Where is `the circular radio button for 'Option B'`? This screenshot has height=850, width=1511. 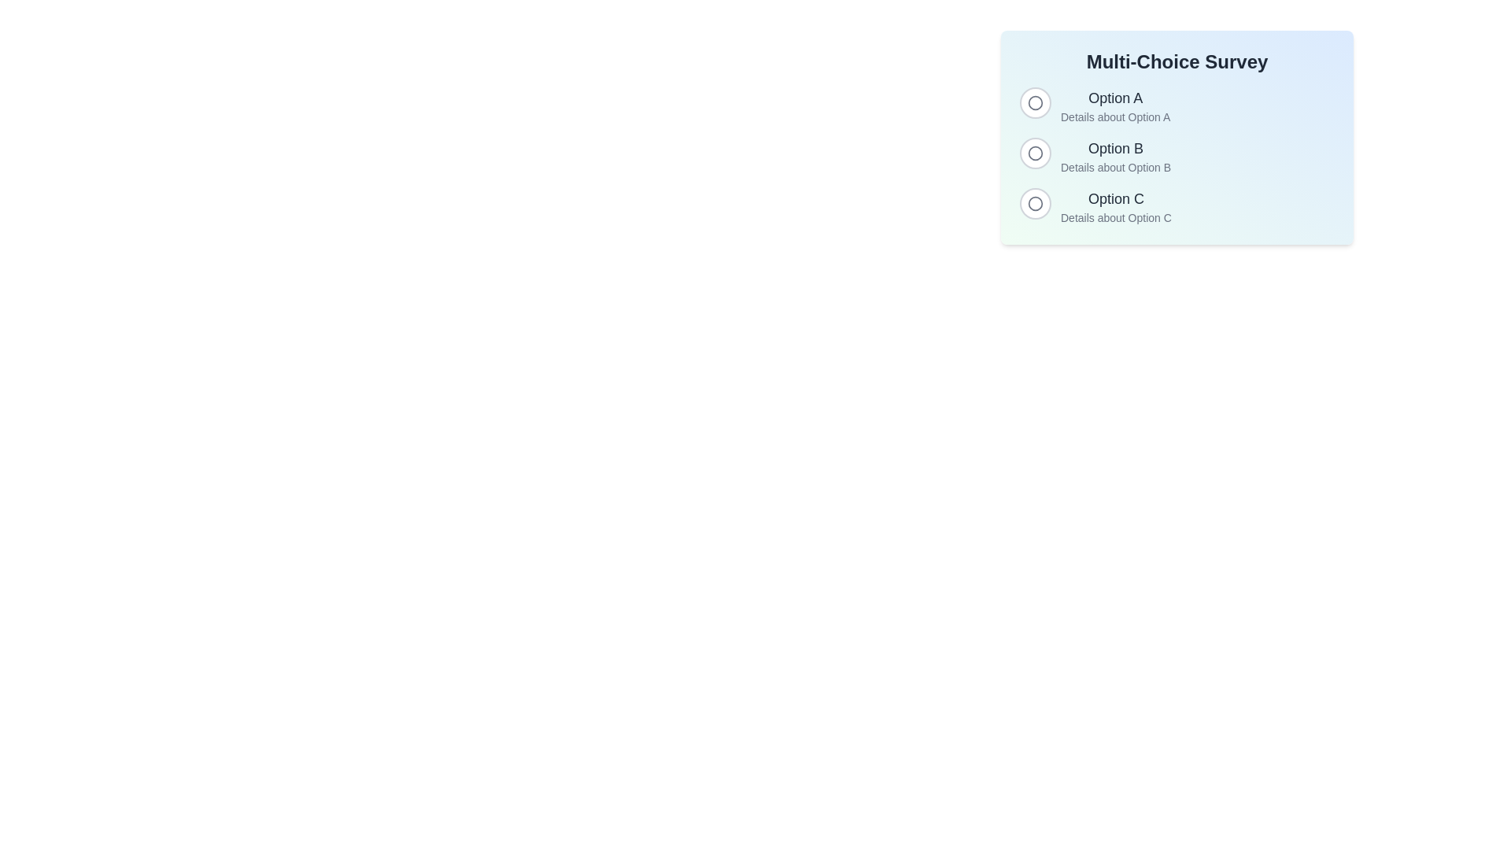
the circular radio button for 'Option B' is located at coordinates (1035, 153).